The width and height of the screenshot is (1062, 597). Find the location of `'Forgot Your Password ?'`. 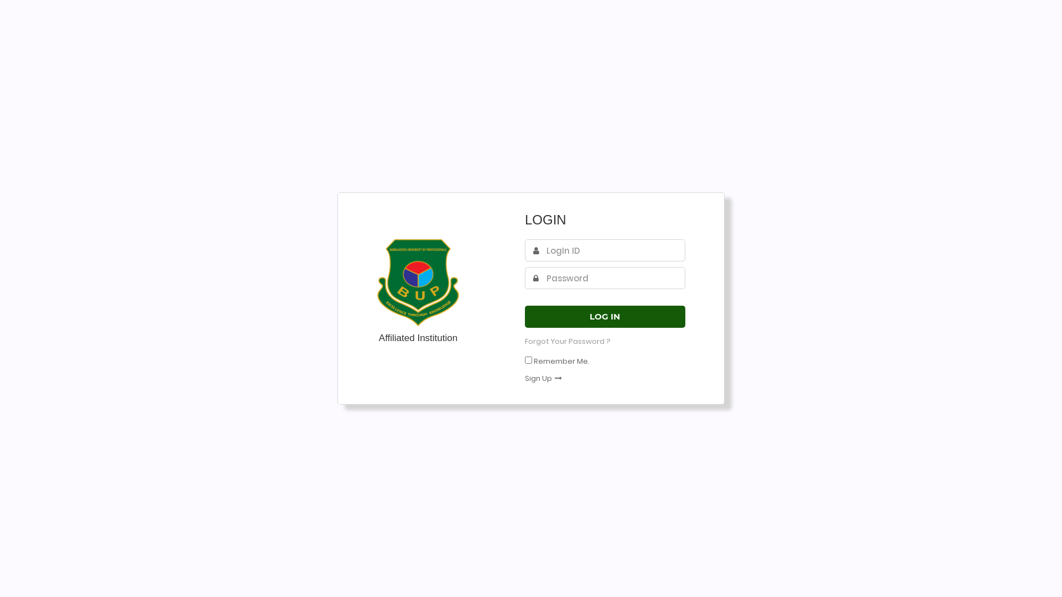

'Forgot Your Password ?' is located at coordinates (568, 341).